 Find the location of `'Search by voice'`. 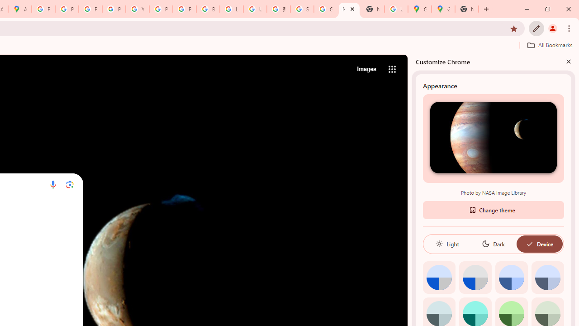

'Search by voice' is located at coordinates (52, 184).